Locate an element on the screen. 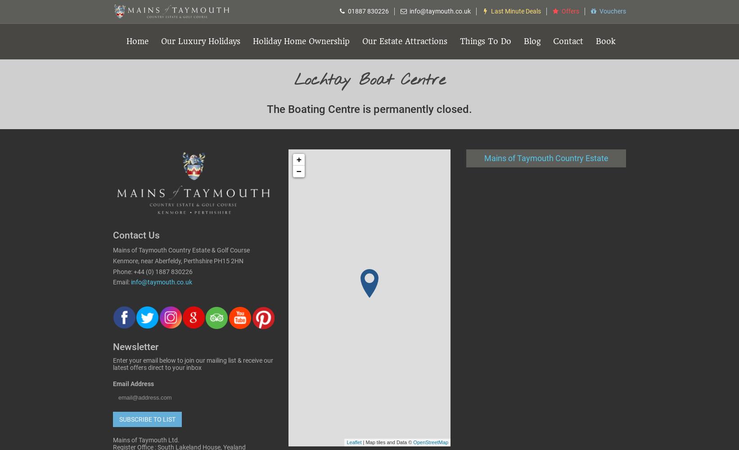 The height and width of the screenshot is (450, 739). '+44 (0) 1887 830226' is located at coordinates (163, 271).